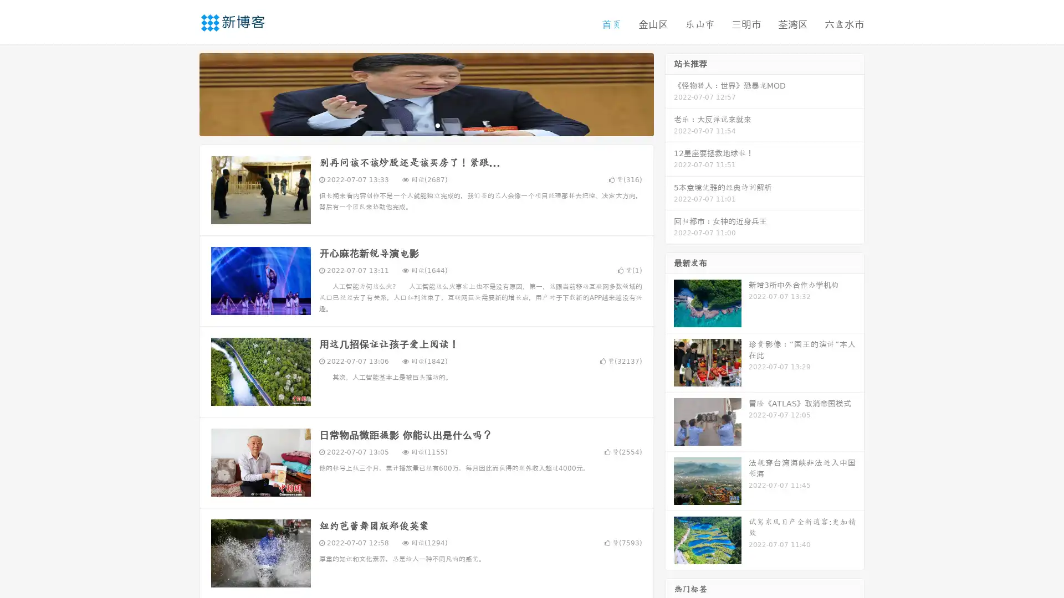 This screenshot has height=598, width=1064. Describe the element at coordinates (415, 125) in the screenshot. I see `Go to slide 1` at that location.